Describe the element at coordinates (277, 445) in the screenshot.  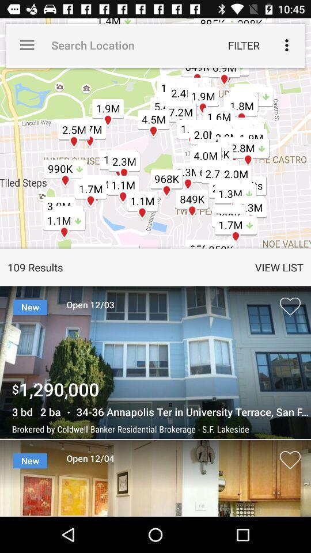
I see `the favorite icon` at that location.